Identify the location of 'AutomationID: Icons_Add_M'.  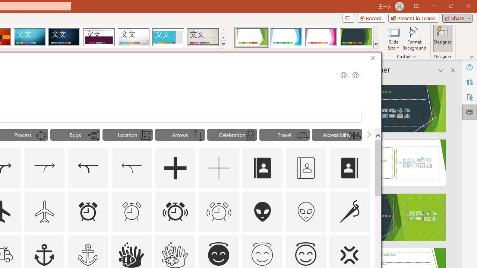
(219, 168).